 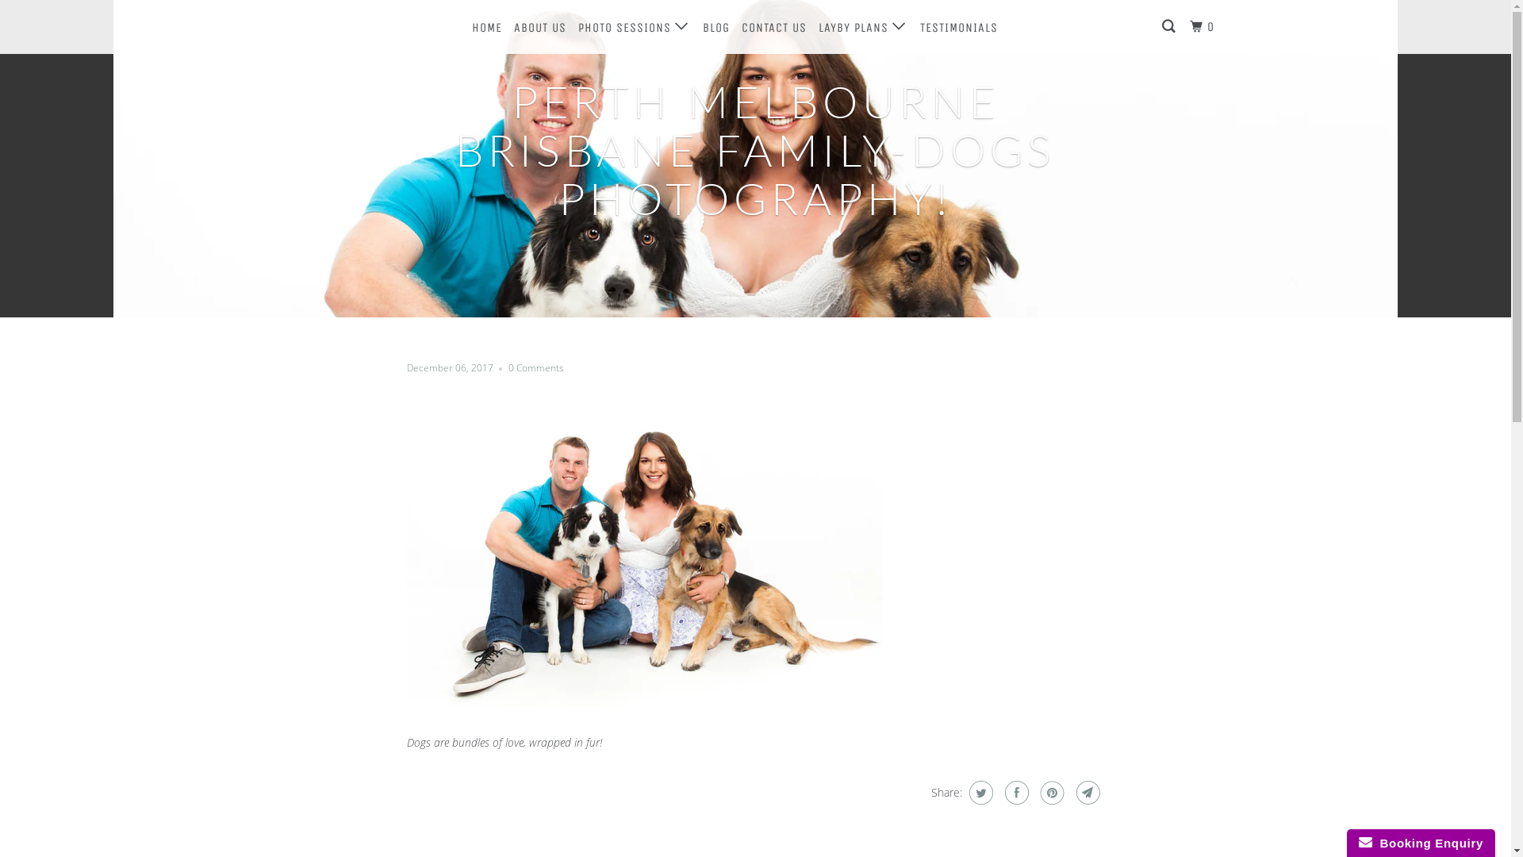 I want to click on 'HOME', so click(x=467, y=27).